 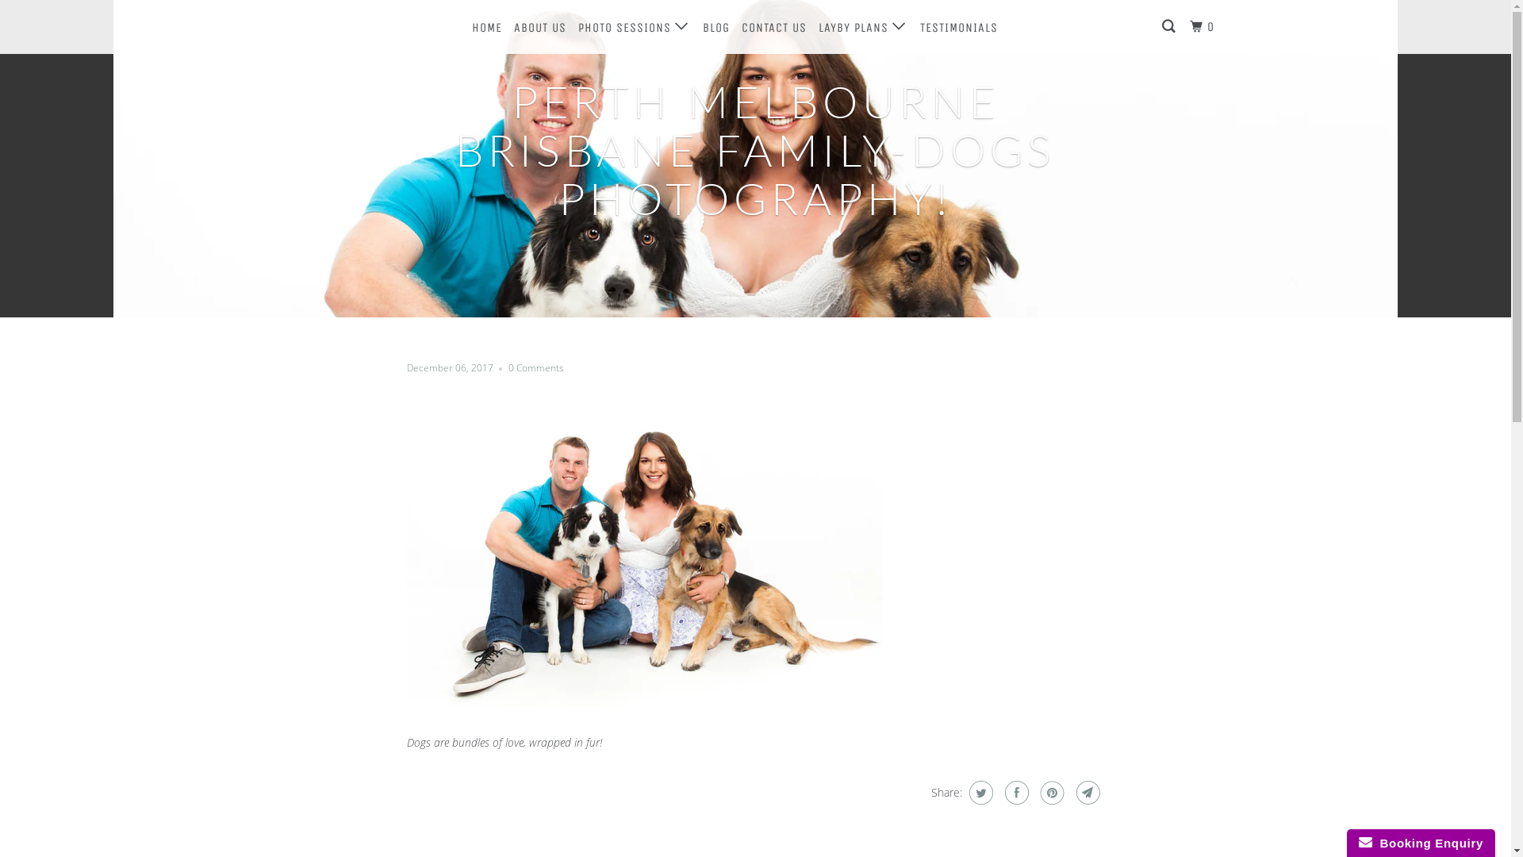 I want to click on 'HOME', so click(x=467, y=27).